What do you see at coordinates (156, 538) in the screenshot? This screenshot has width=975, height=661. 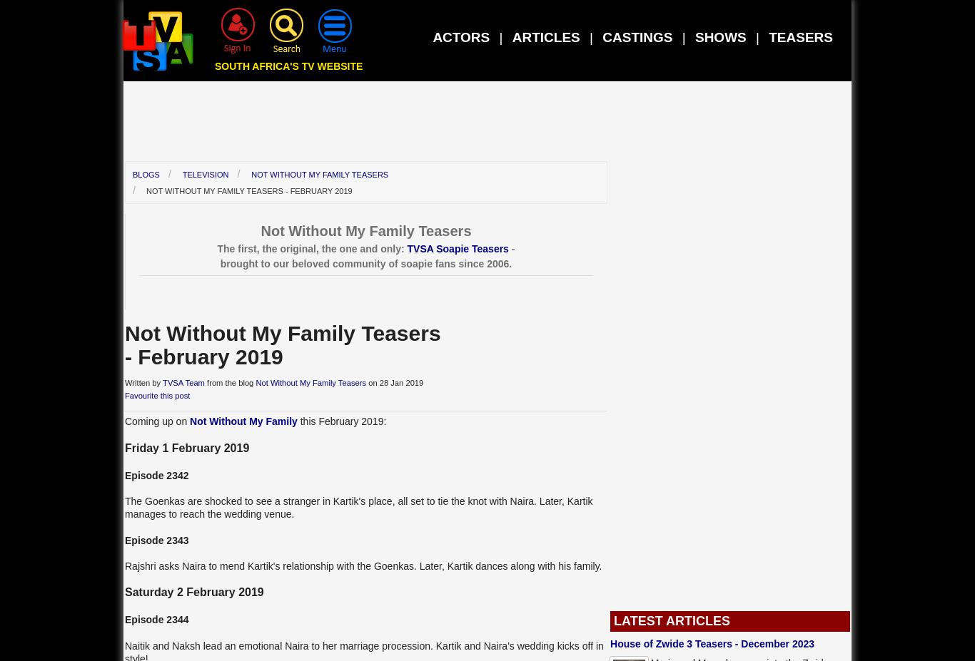 I see `'Episode 2343'` at bounding box center [156, 538].